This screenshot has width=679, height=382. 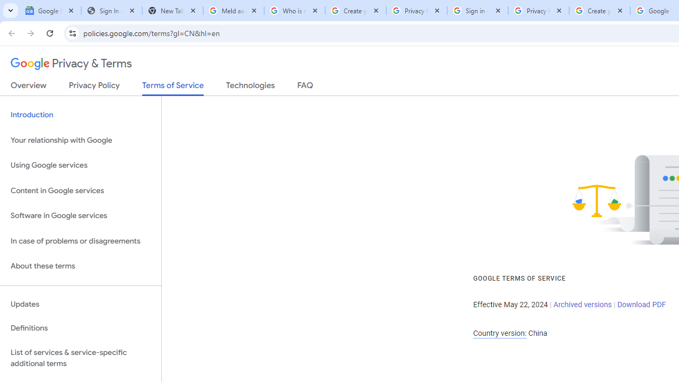 I want to click on 'Country version:', so click(x=499, y=333).